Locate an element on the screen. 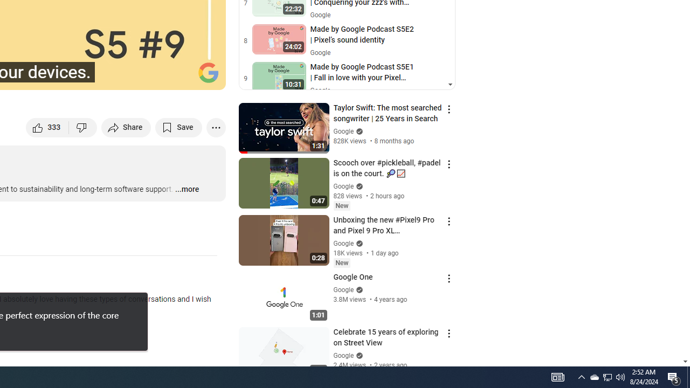 The width and height of the screenshot is (690, 388). 'Channel watermark' is located at coordinates (208, 73).